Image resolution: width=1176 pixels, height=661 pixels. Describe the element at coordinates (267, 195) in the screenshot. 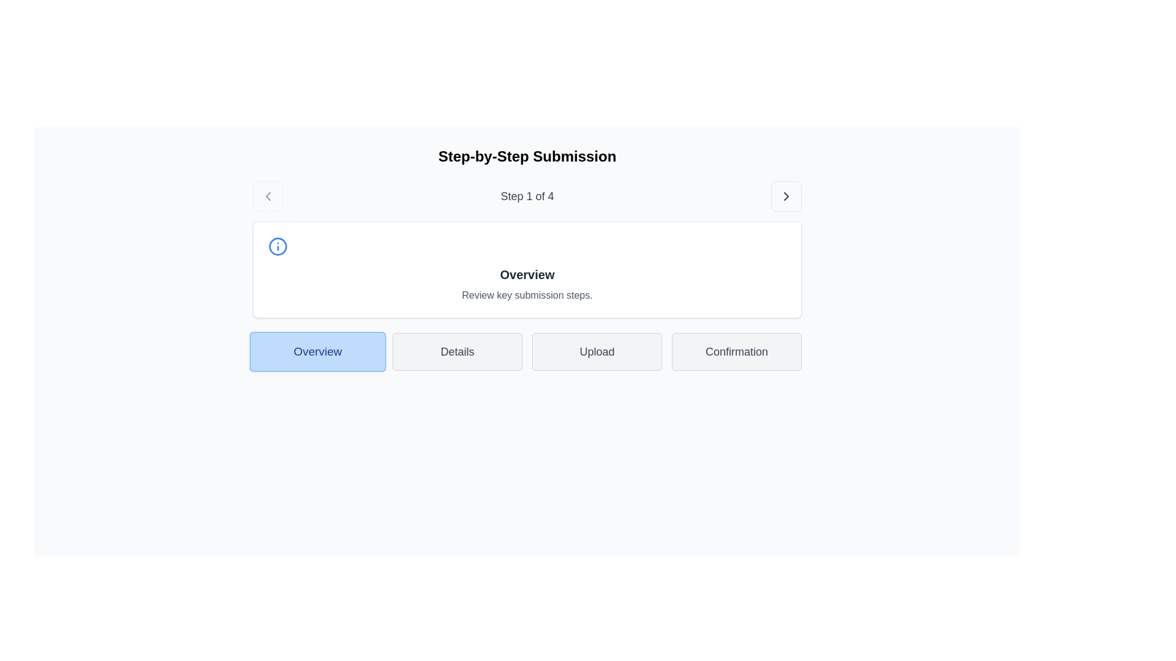

I see `the left-pointing chevron icon located at the top-left corner of the interface to trigger a tooltip or highlight` at that location.